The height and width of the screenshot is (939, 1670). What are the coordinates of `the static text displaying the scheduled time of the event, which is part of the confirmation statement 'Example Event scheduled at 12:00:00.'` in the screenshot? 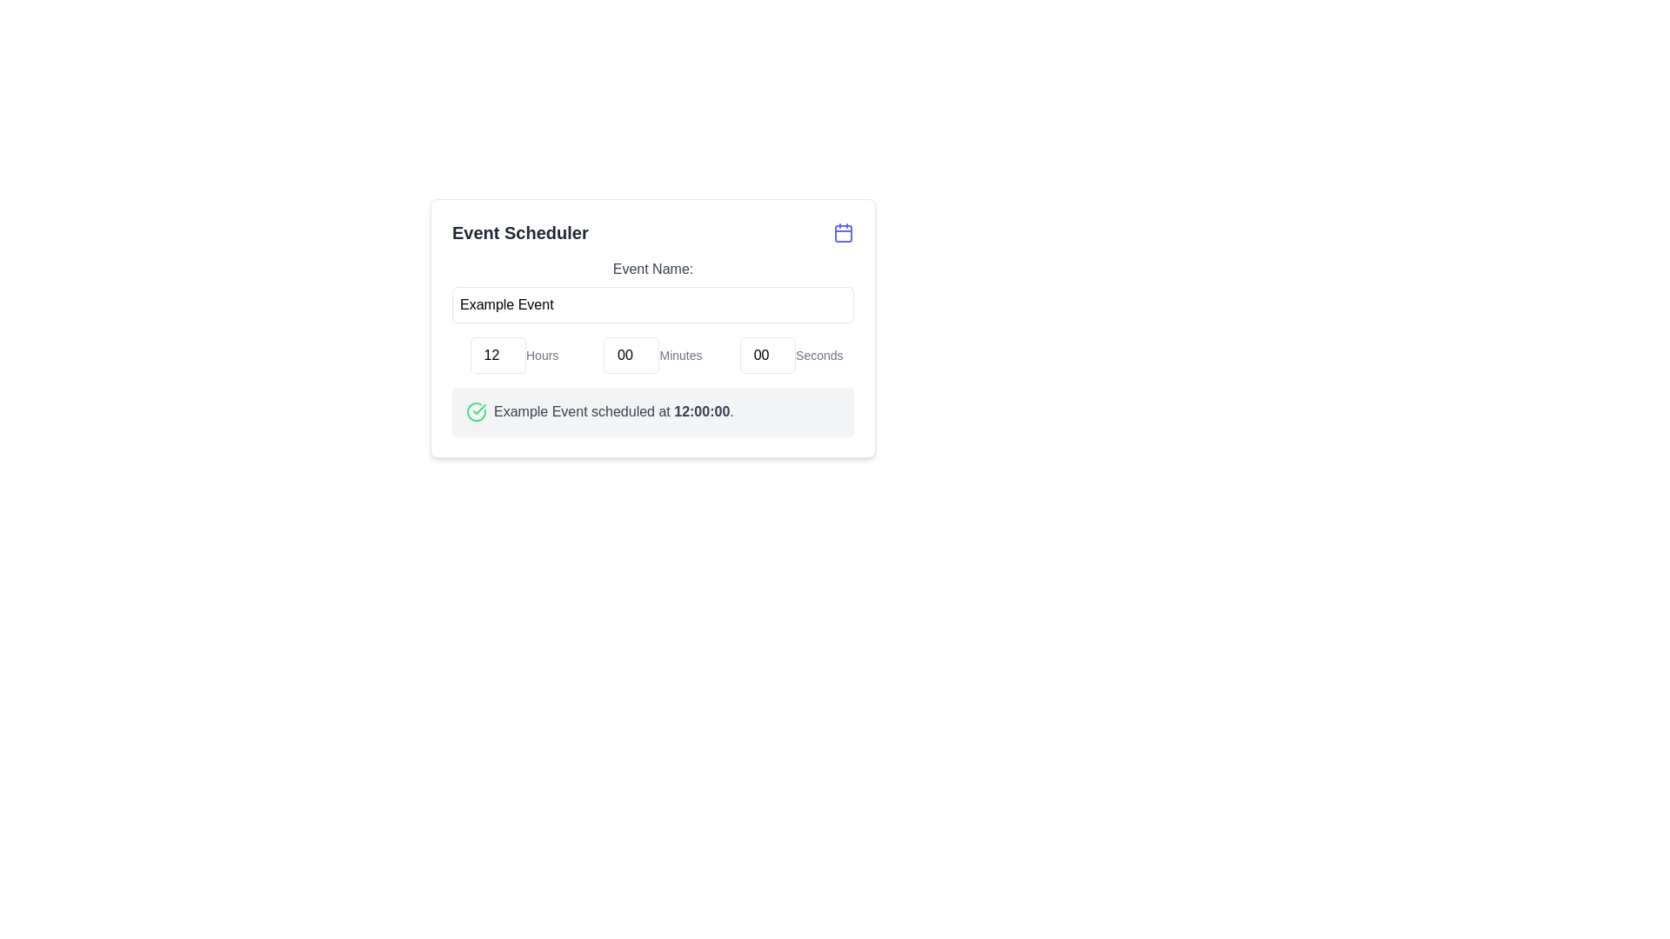 It's located at (702, 411).